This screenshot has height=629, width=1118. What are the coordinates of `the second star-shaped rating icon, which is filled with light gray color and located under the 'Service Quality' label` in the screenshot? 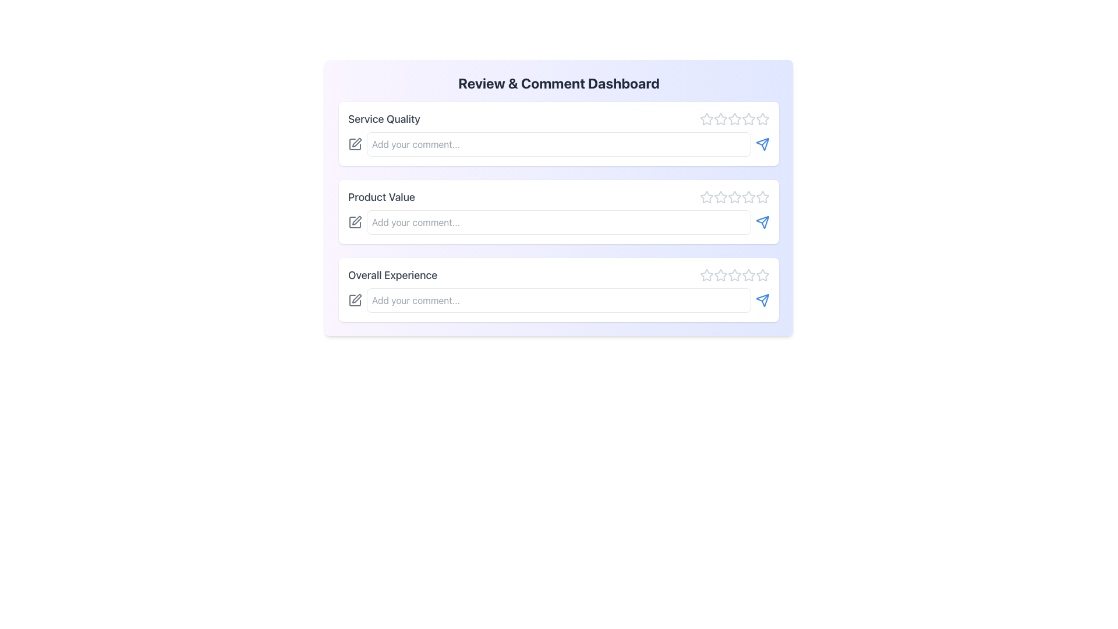 It's located at (734, 119).